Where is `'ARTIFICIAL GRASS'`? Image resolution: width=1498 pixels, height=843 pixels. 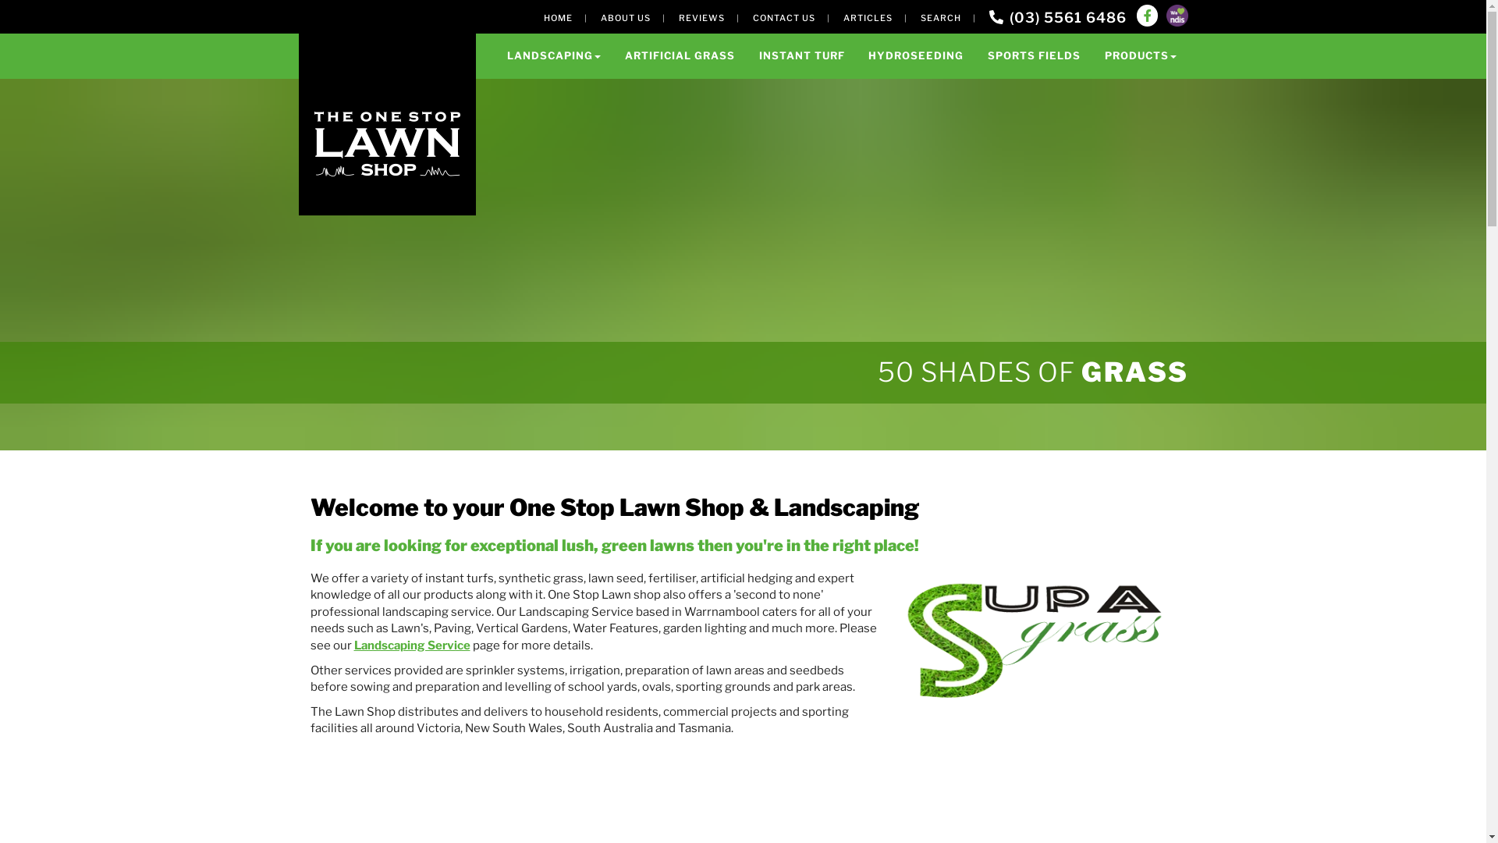
'ARTIFICIAL GRASS' is located at coordinates (679, 55).